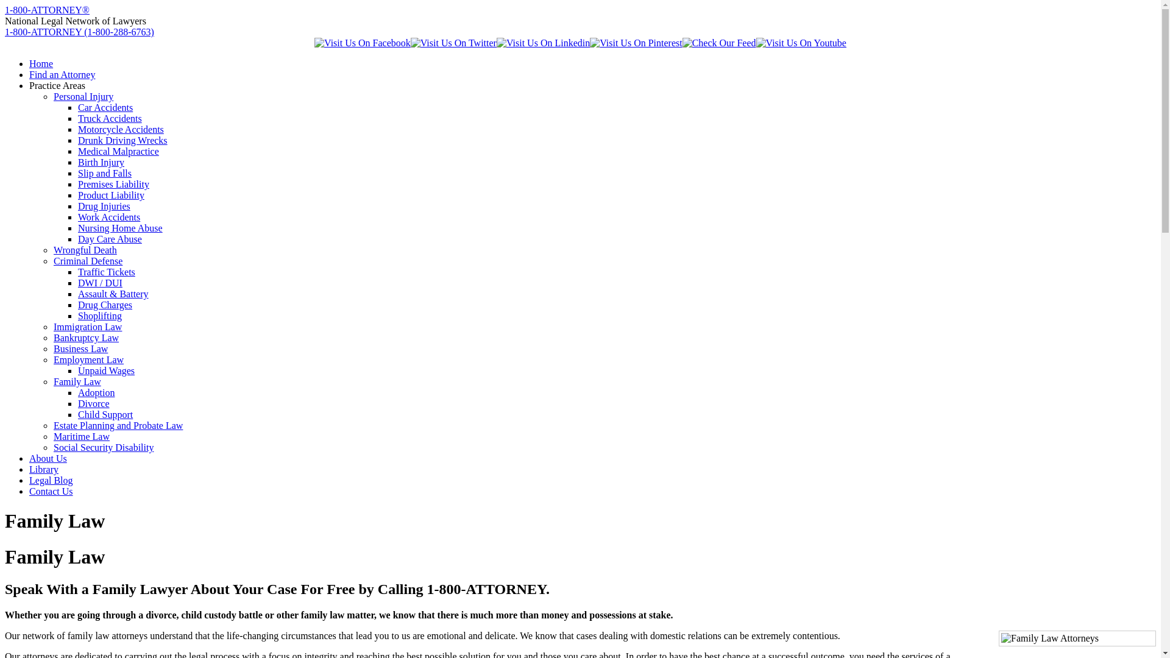  I want to click on 'Visit Us On Facebook', so click(362, 42).